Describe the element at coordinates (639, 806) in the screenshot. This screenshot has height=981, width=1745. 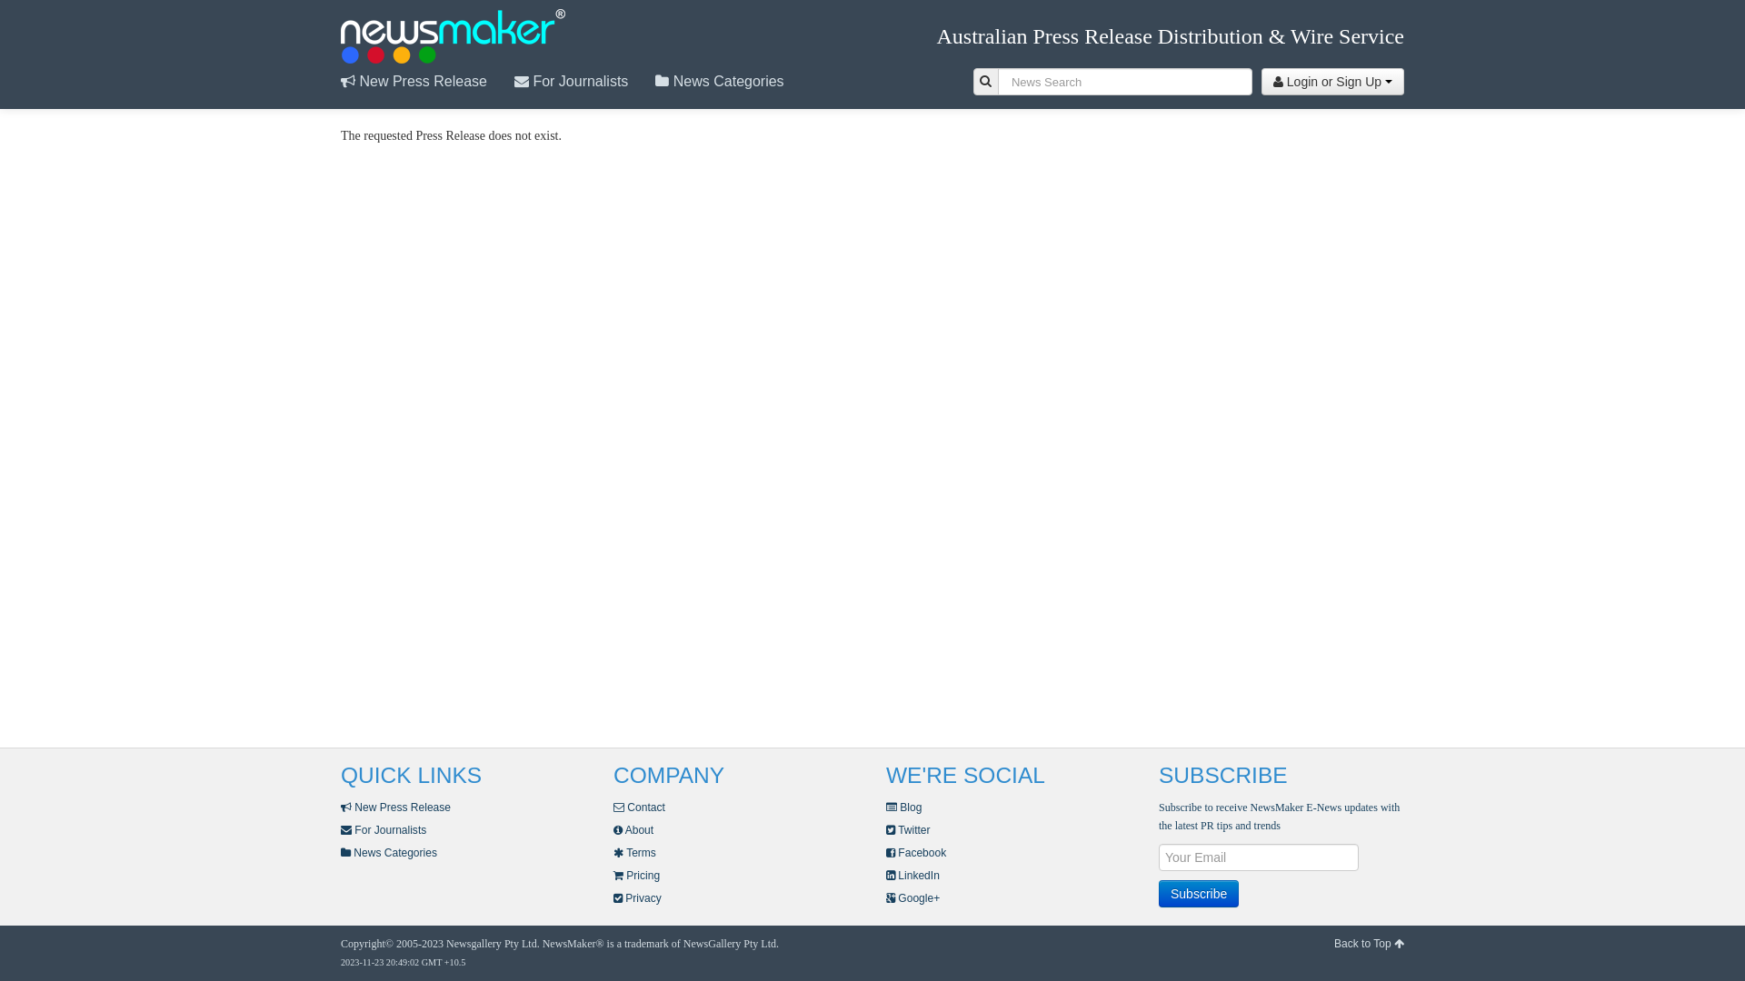
I see `'Contact'` at that location.